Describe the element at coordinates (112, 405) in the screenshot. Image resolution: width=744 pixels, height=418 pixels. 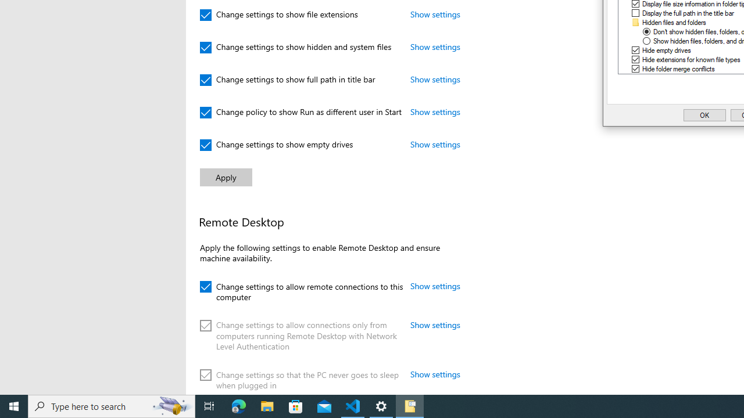
I see `'Type here to search'` at that location.